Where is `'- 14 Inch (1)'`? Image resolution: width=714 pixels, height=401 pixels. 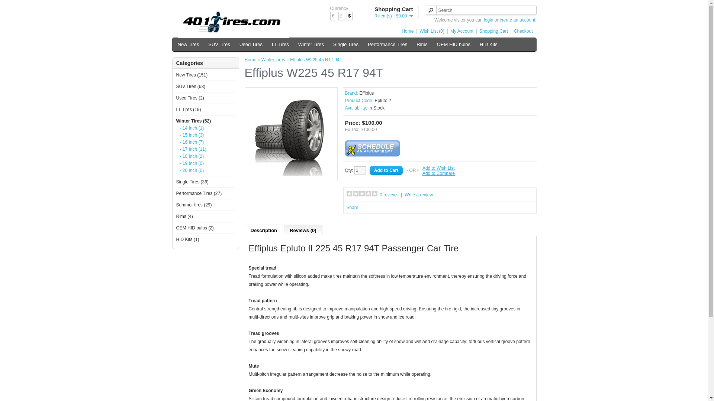 '- 14 Inch (1)' is located at coordinates (205, 127).